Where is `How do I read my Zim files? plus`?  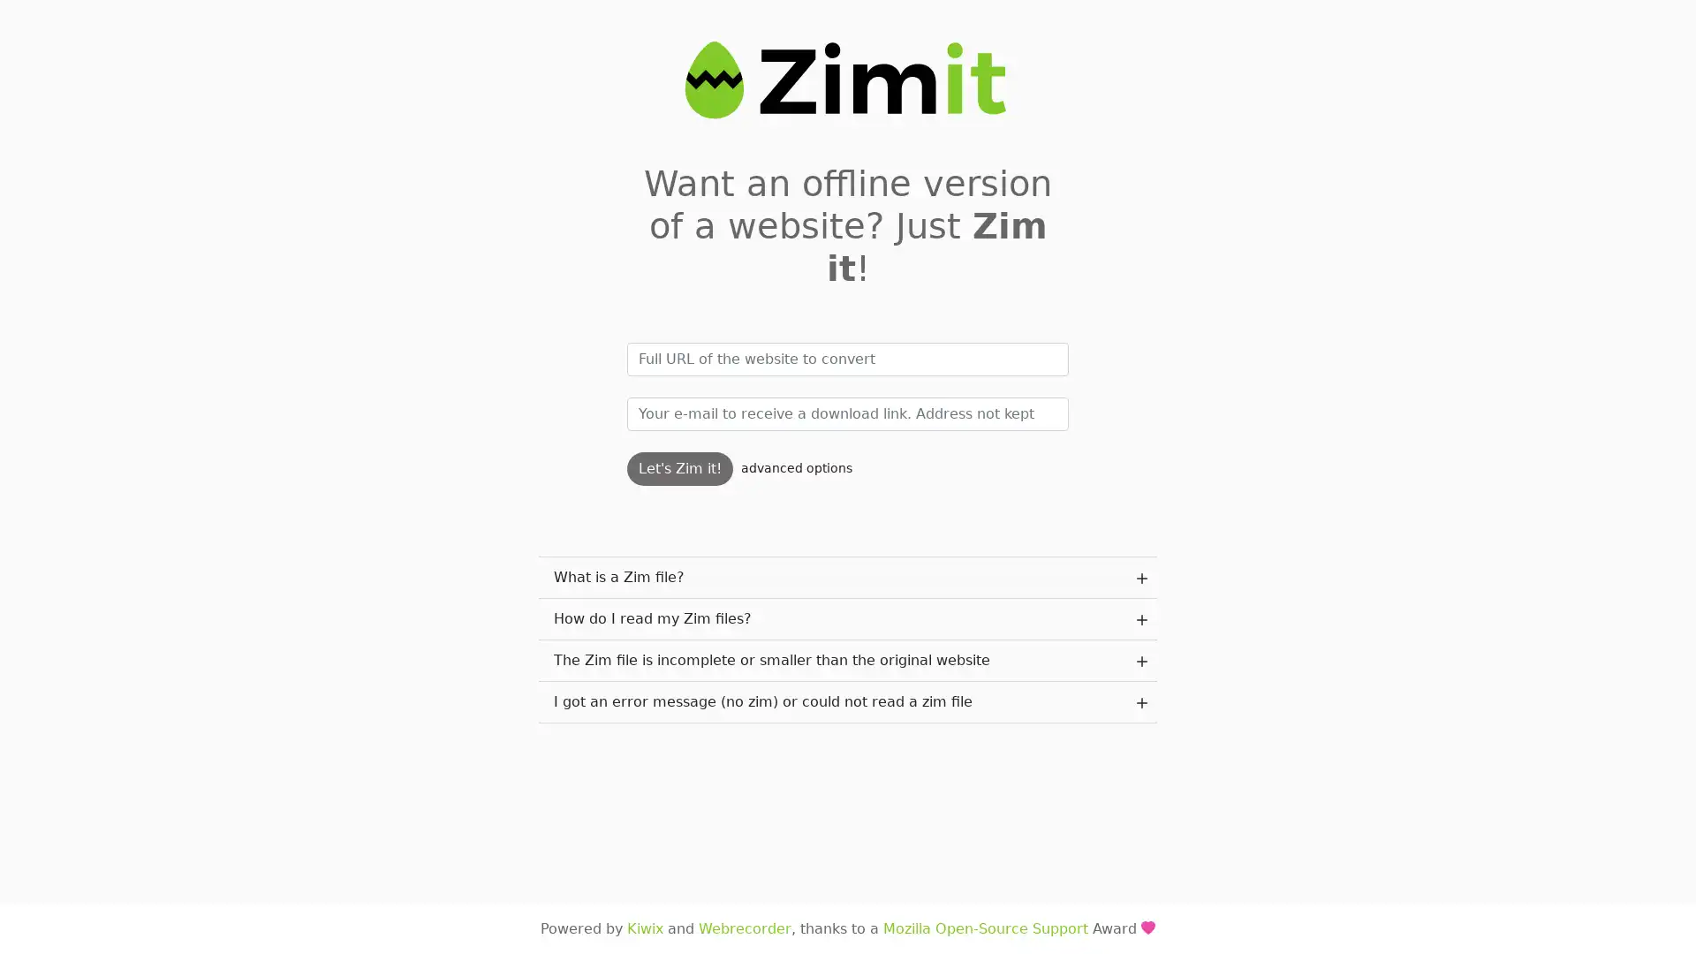
How do I read my Zim files? plus is located at coordinates (848, 617).